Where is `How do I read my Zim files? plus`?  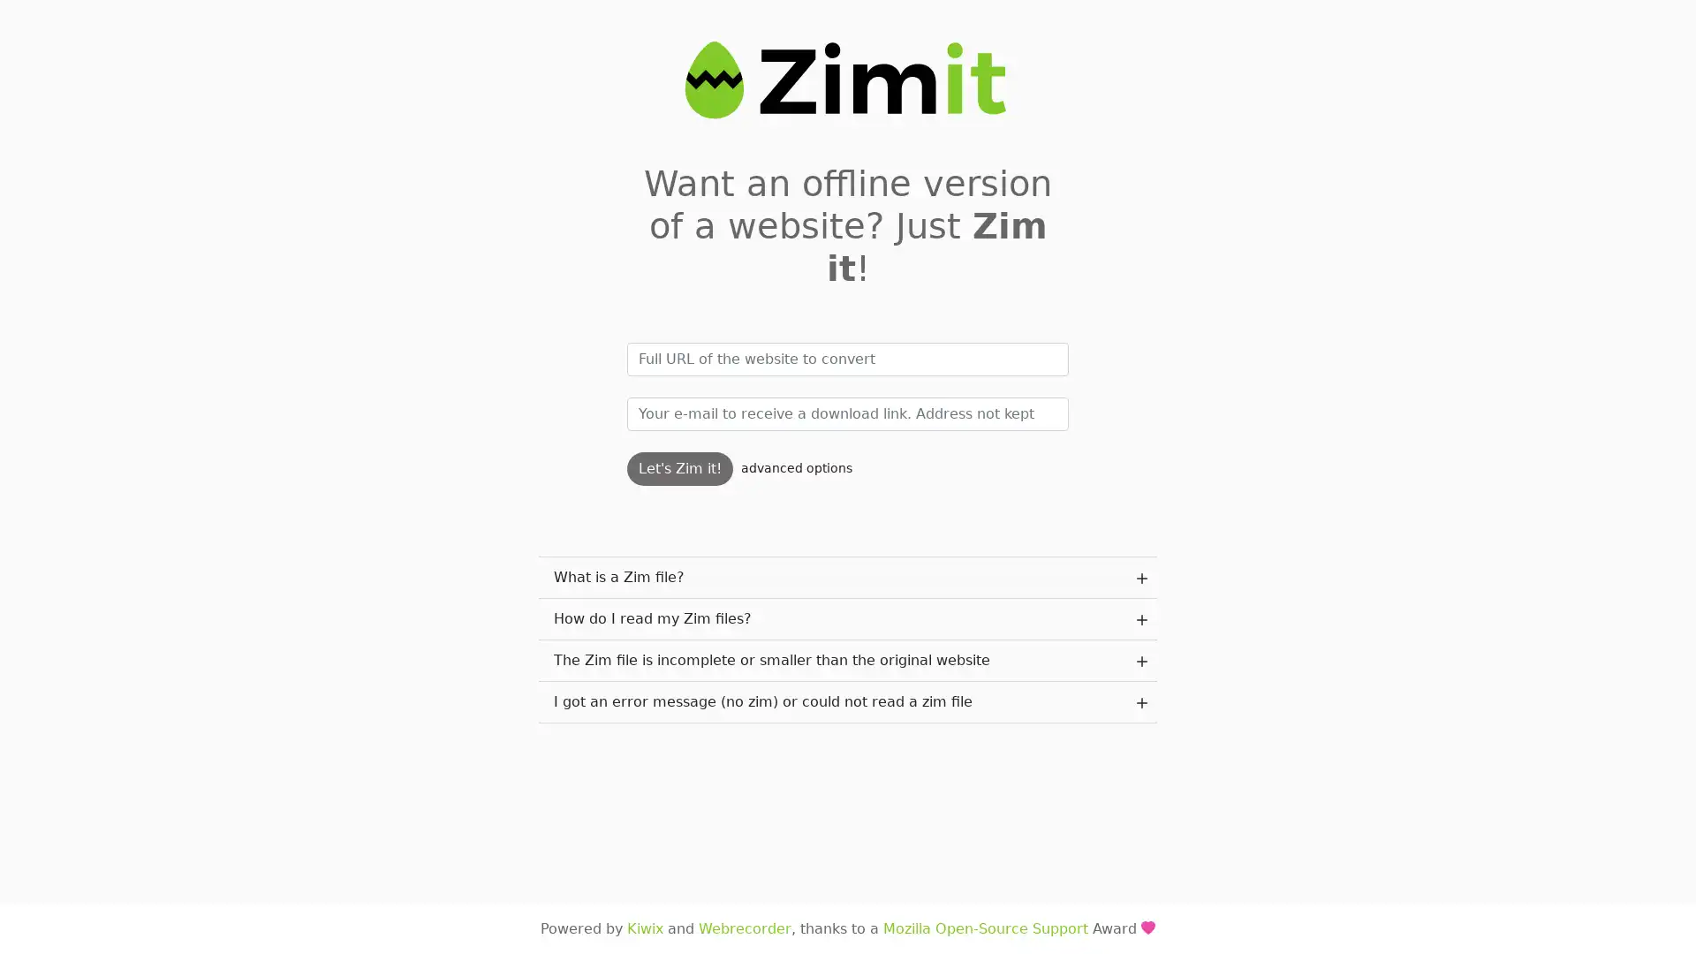
How do I read my Zim files? plus is located at coordinates (848, 617).